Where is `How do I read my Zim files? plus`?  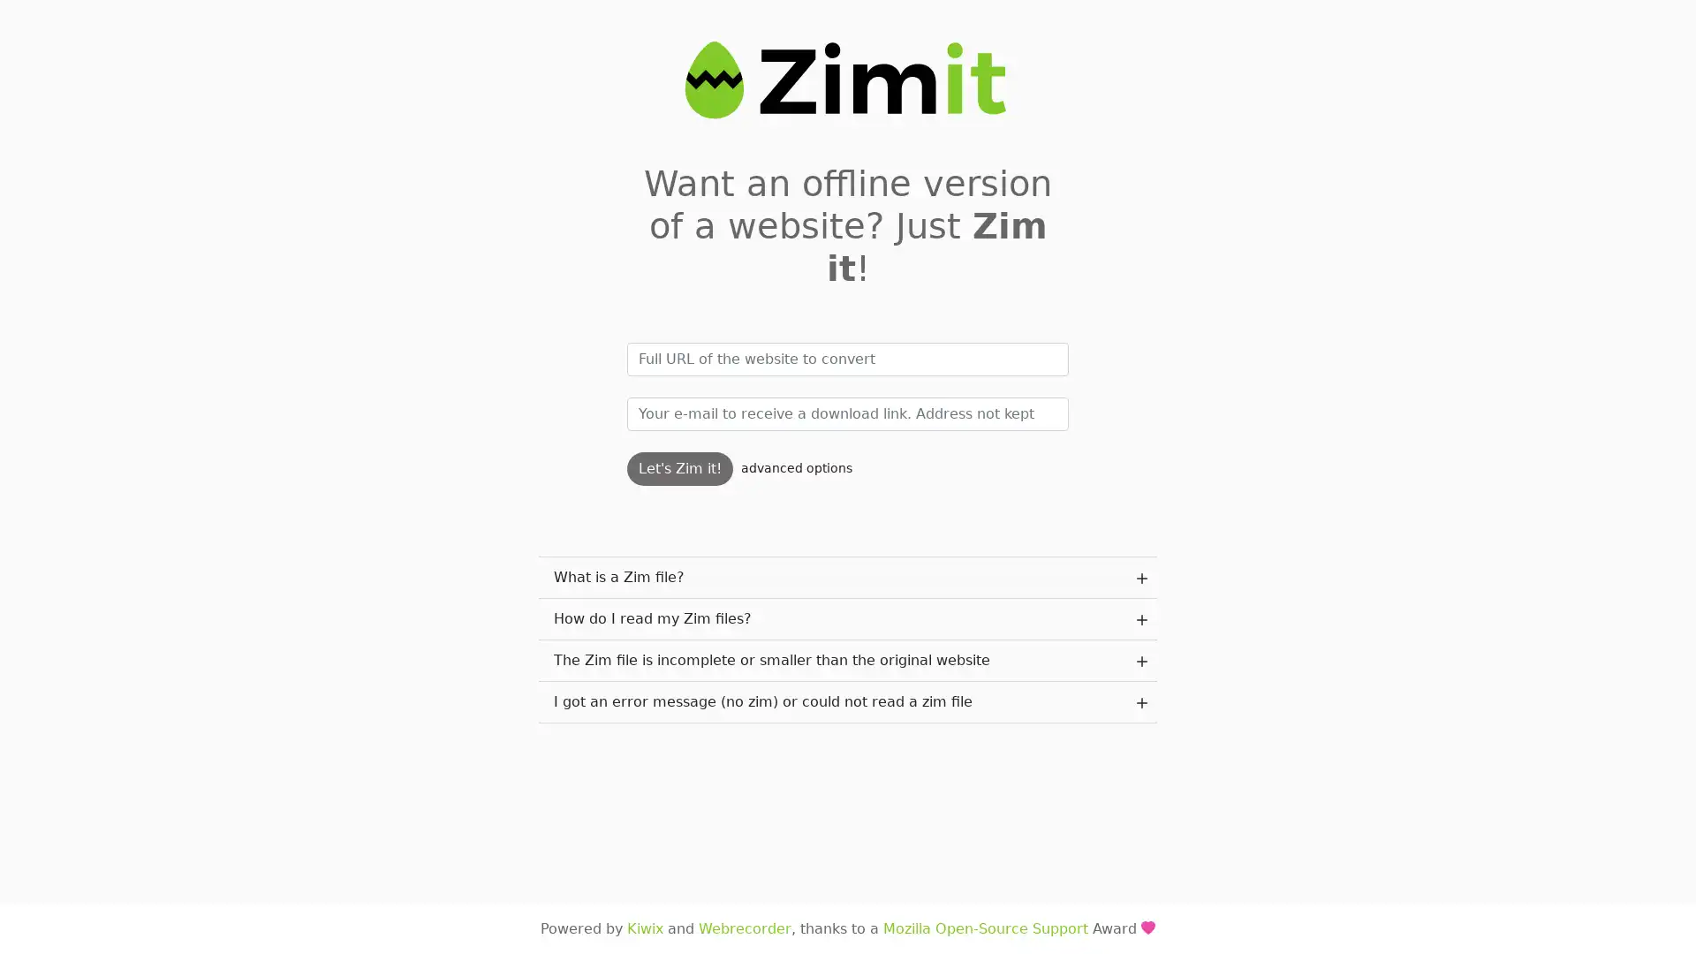
How do I read my Zim files? plus is located at coordinates (848, 617).